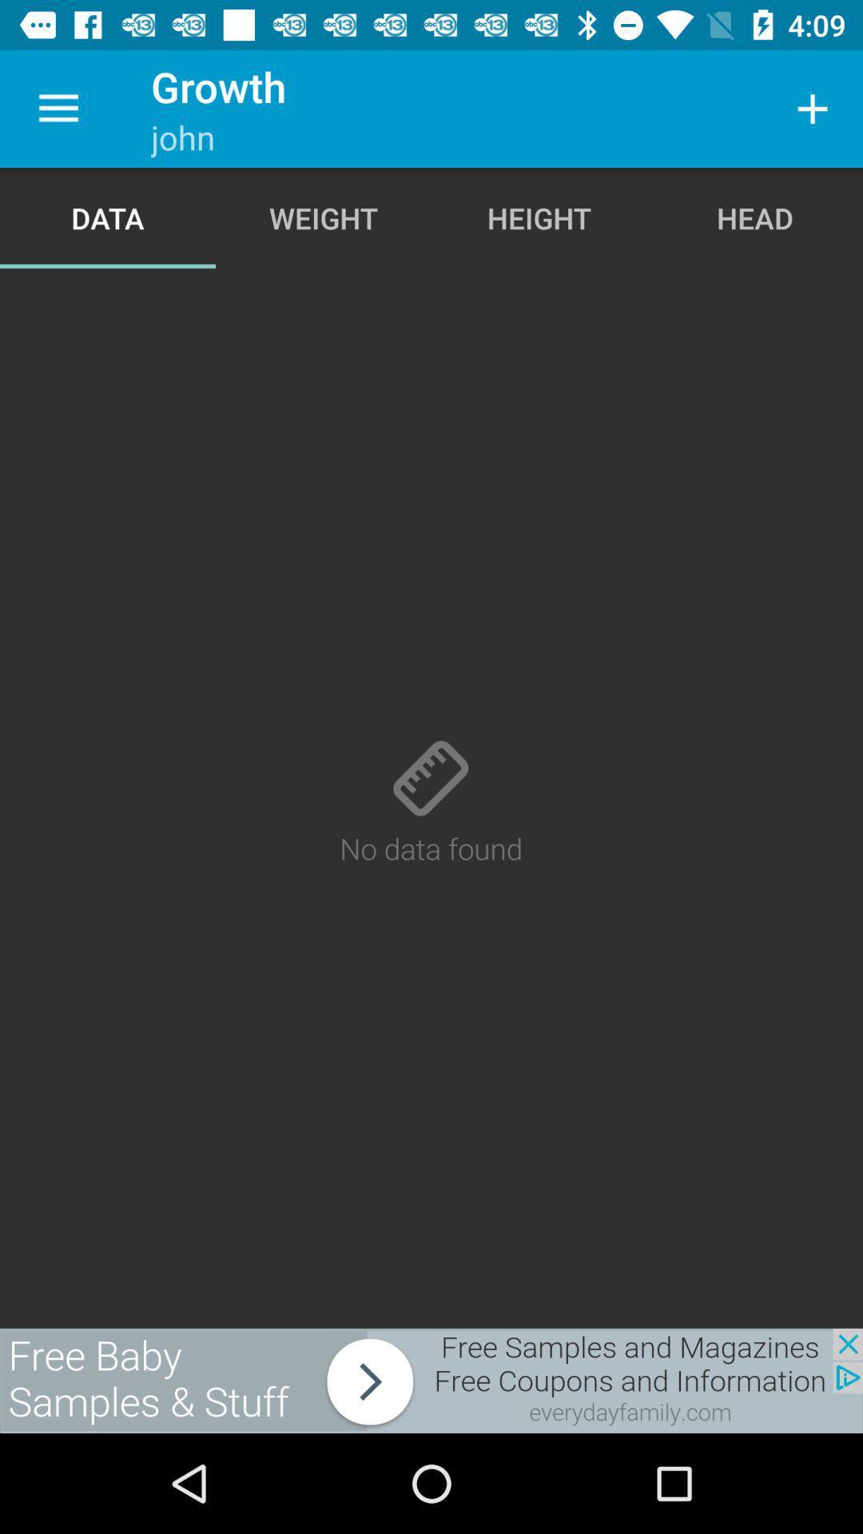  I want to click on the advertisement, so click(431, 1380).